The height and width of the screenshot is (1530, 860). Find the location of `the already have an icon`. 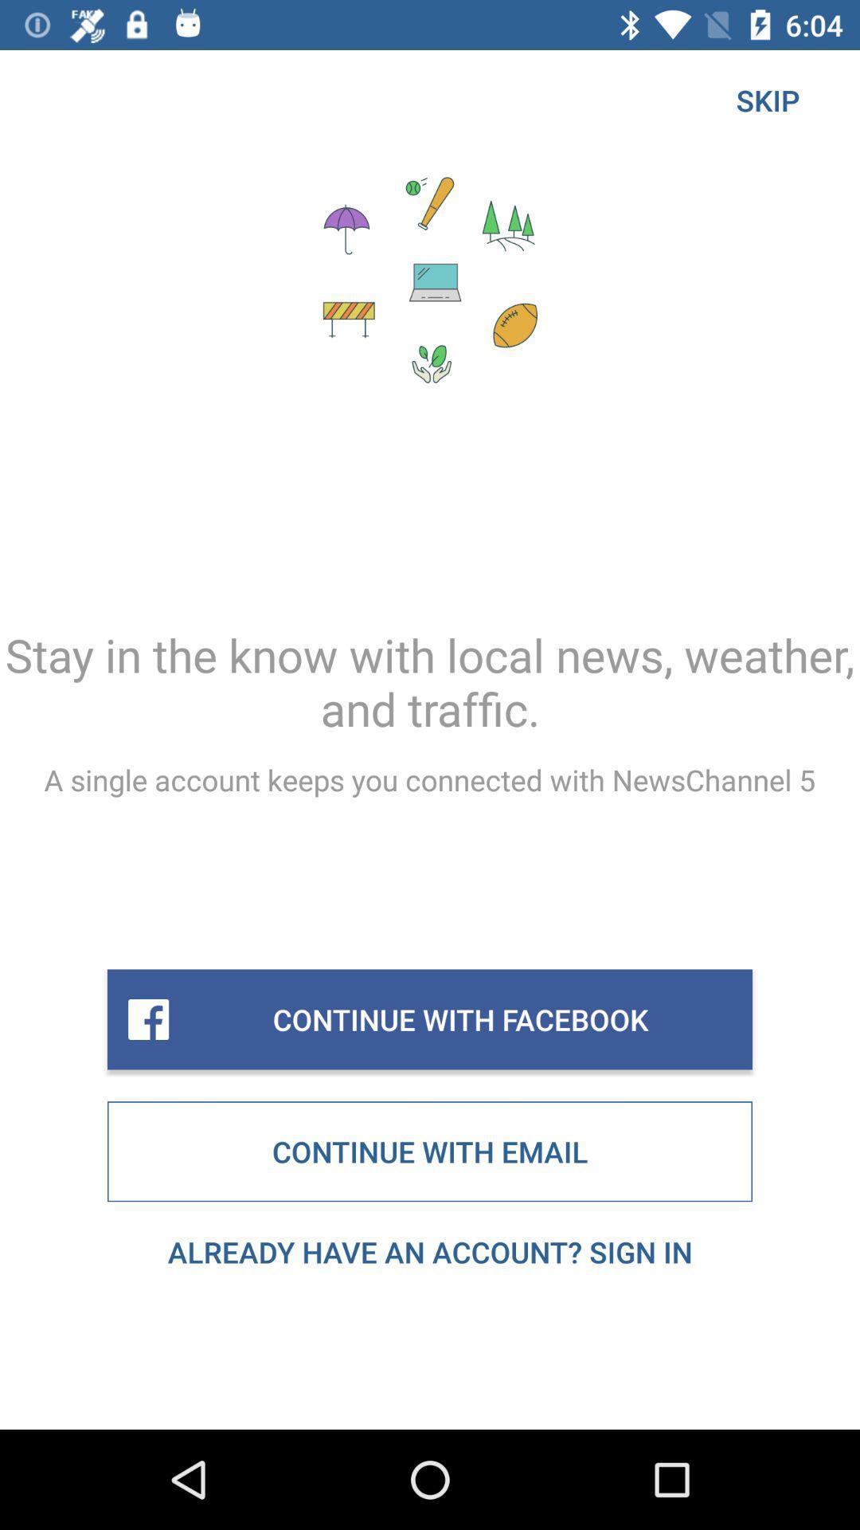

the already have an icon is located at coordinates (430, 1251).